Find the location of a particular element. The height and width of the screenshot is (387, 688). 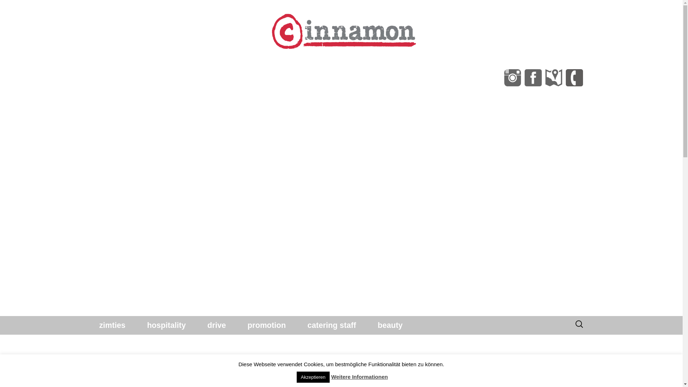

'cinnamon Gmbh in Google Maps' is located at coordinates (553, 77).